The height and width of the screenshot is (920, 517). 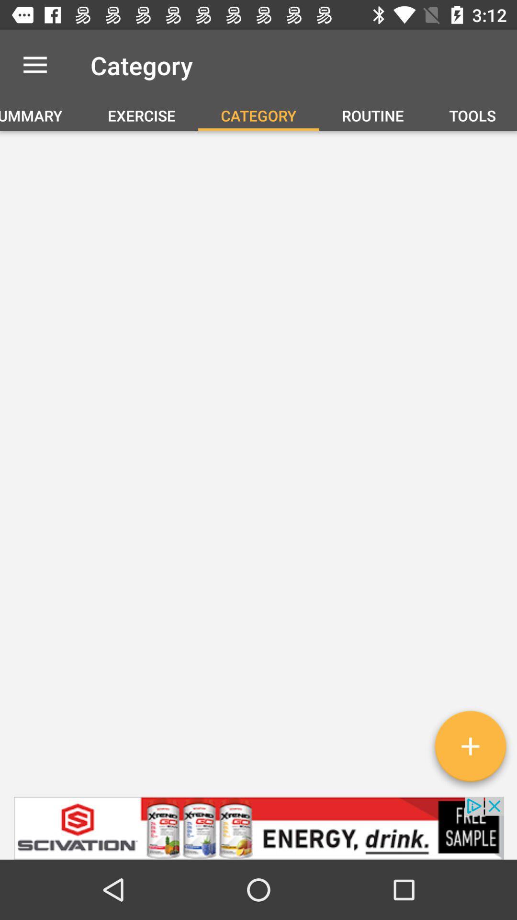 I want to click on option, so click(x=470, y=749).